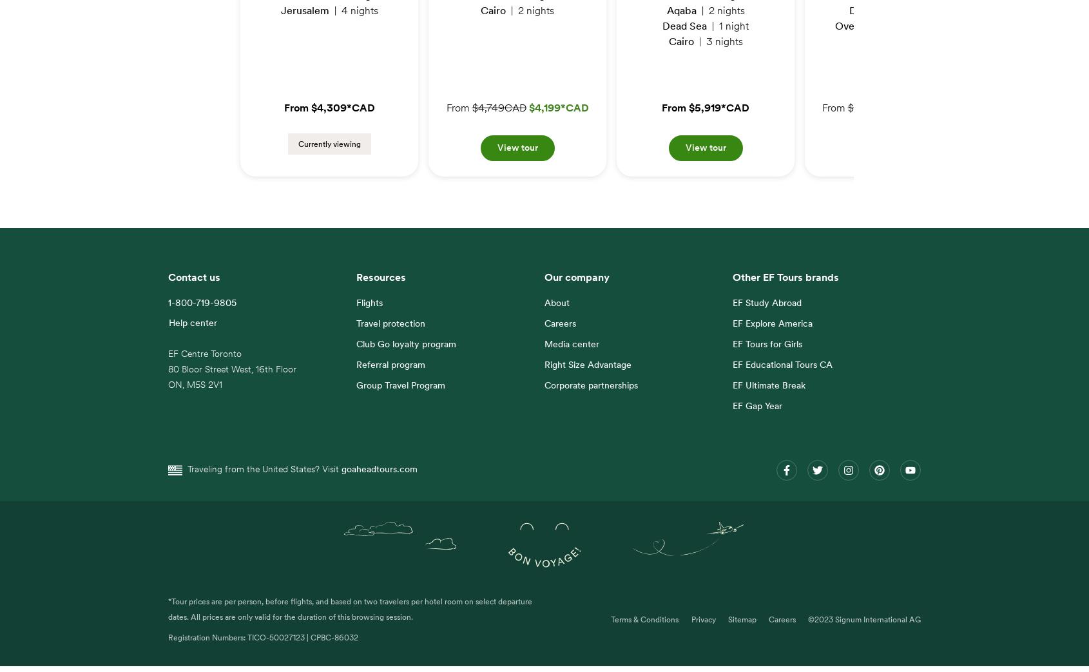 This screenshot has width=1089, height=672. I want to click on 'Sitemap', so click(711, 627).